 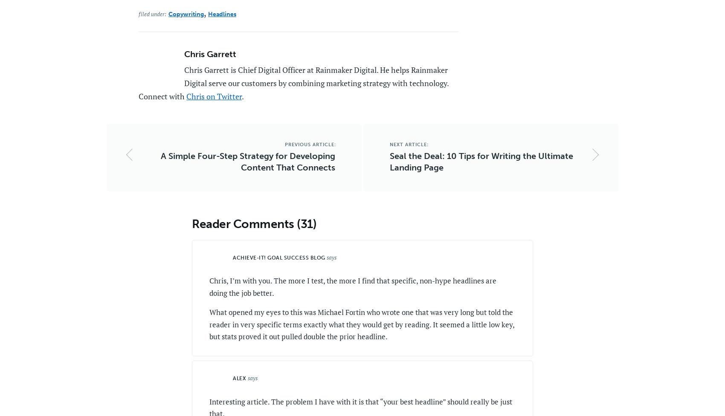 What do you see at coordinates (361, 324) in the screenshot?
I see `'What opened my eyes to this was Michael Fortin who wrote one that was very long but told the reader in very specific terms exactly what they would get by reading.  It seemed a little low key, but stats proved it out pulled double the prior headline.'` at bounding box center [361, 324].